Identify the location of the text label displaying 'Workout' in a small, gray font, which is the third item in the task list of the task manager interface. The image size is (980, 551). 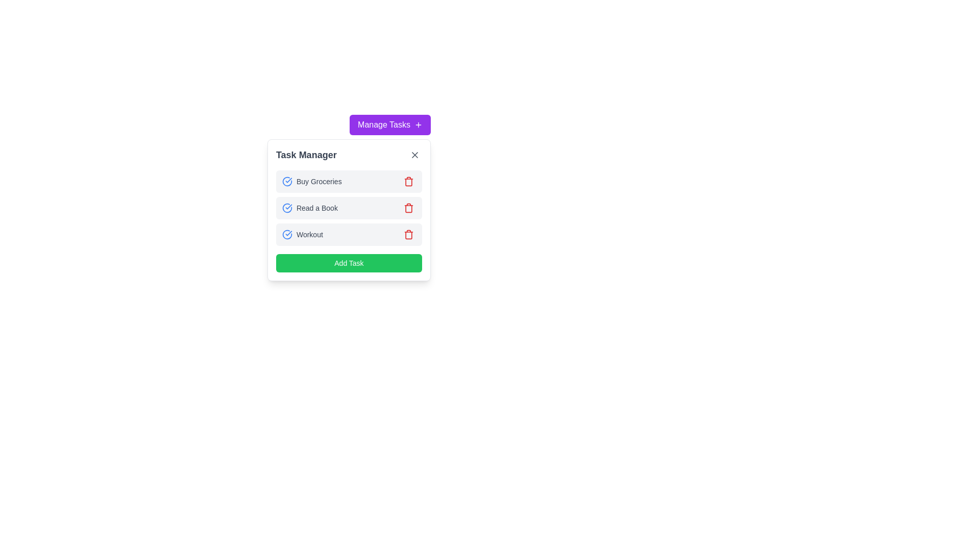
(309, 234).